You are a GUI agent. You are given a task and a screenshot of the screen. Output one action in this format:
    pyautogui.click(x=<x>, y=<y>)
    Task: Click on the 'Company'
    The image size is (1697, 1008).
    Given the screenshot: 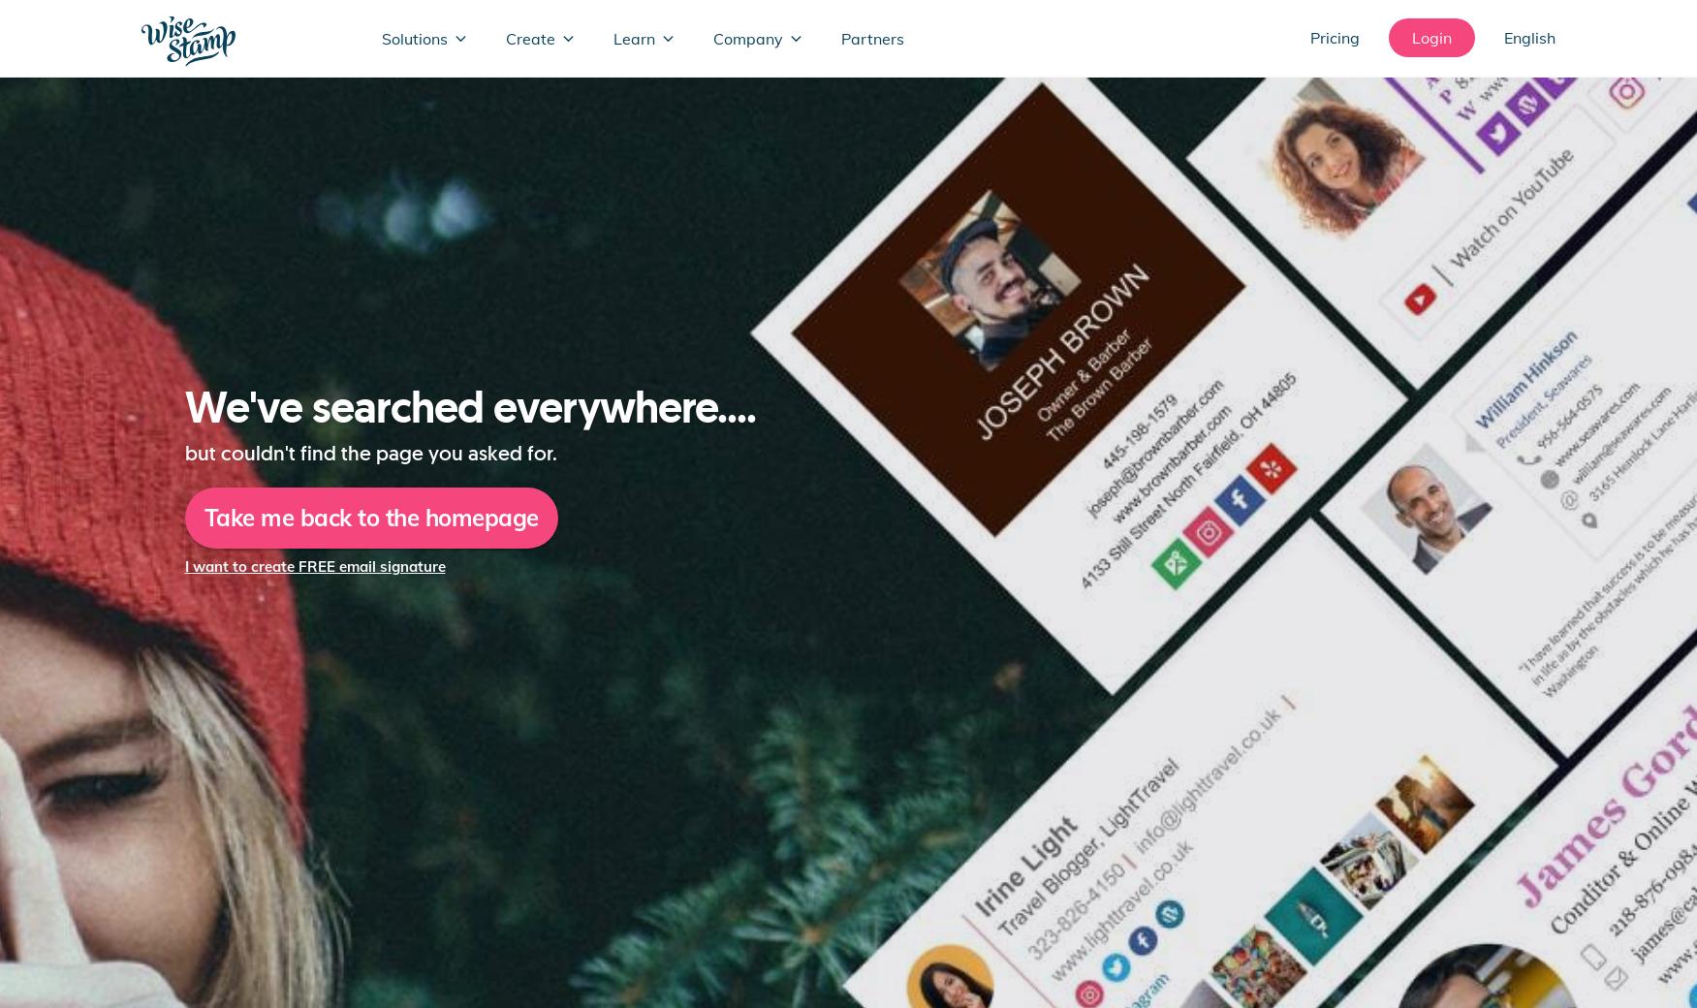 What is the action you would take?
    pyautogui.click(x=745, y=38)
    